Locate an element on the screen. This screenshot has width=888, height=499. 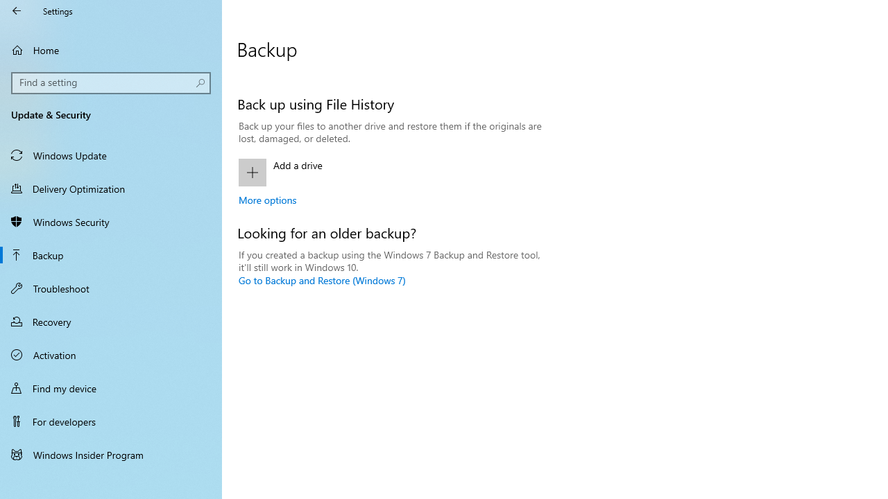
'More options' is located at coordinates (267, 200).